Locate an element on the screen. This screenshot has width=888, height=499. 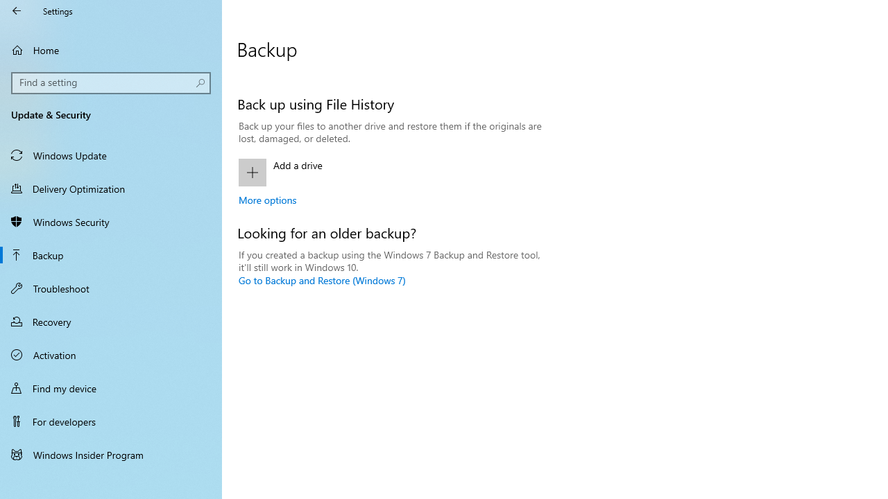
'More options' is located at coordinates (267, 200).